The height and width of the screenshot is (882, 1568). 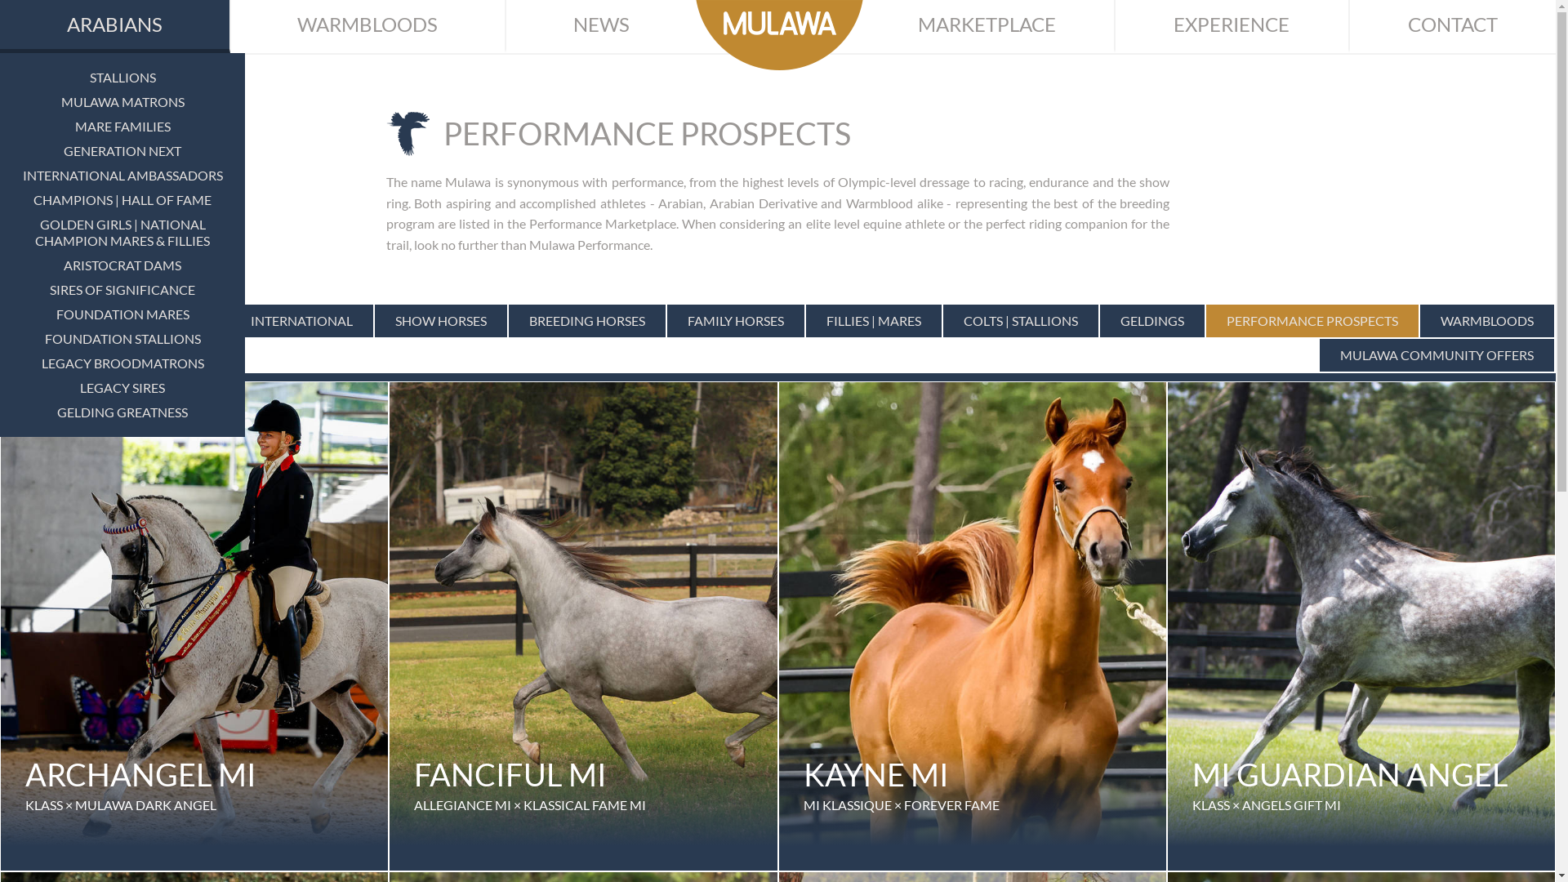 What do you see at coordinates (121, 314) in the screenshot?
I see `'FOUNDATION MARES'` at bounding box center [121, 314].